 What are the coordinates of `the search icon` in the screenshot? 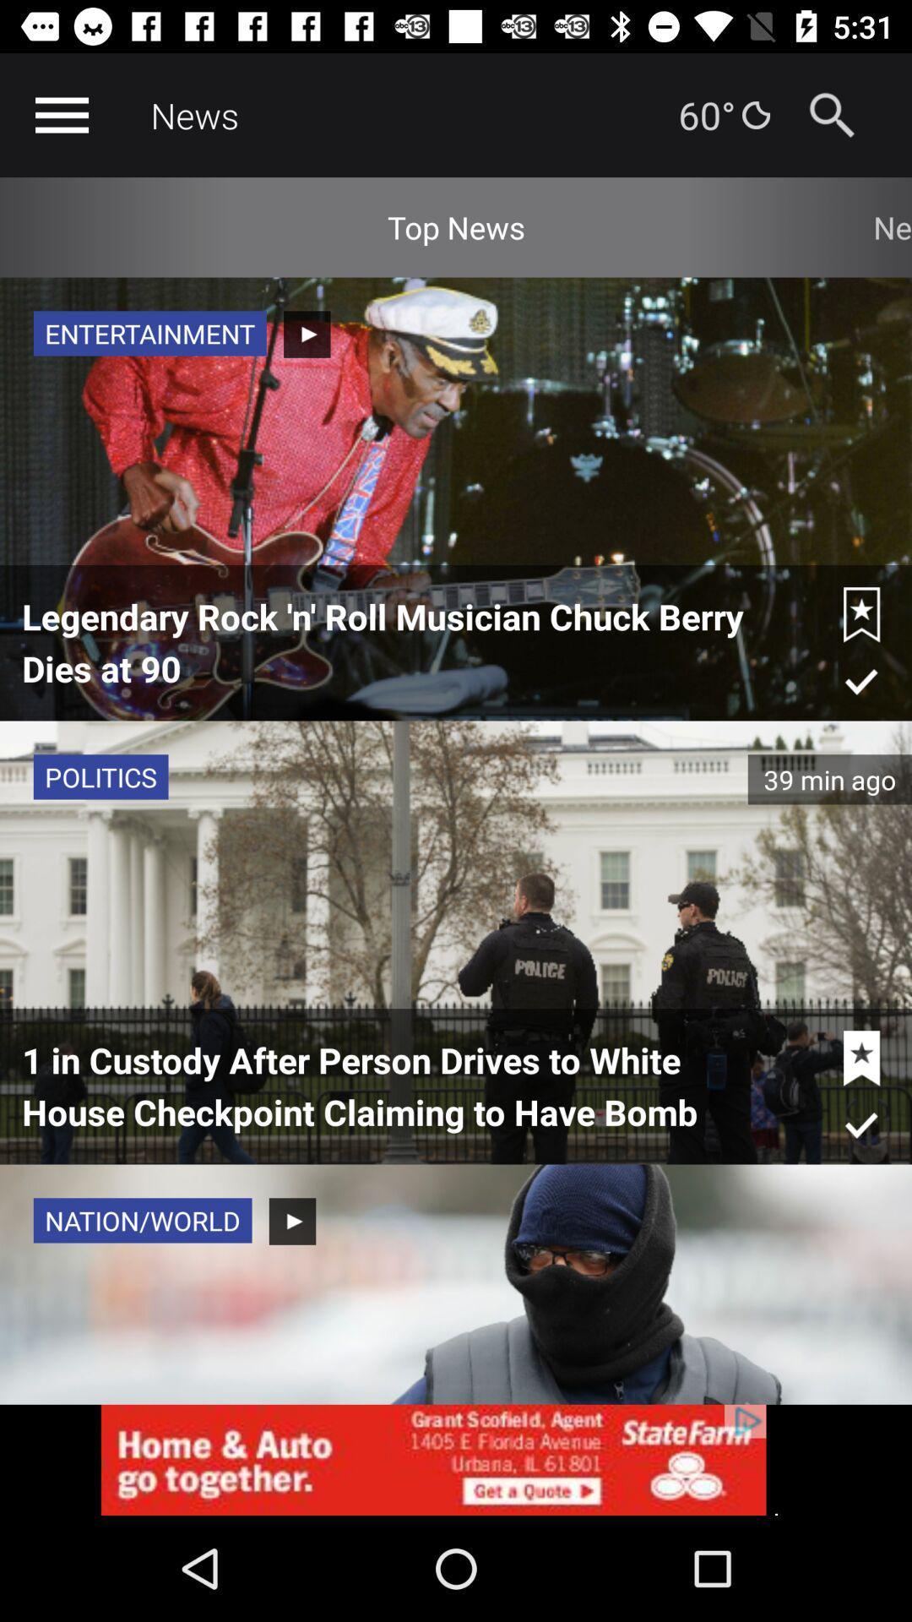 It's located at (831, 114).